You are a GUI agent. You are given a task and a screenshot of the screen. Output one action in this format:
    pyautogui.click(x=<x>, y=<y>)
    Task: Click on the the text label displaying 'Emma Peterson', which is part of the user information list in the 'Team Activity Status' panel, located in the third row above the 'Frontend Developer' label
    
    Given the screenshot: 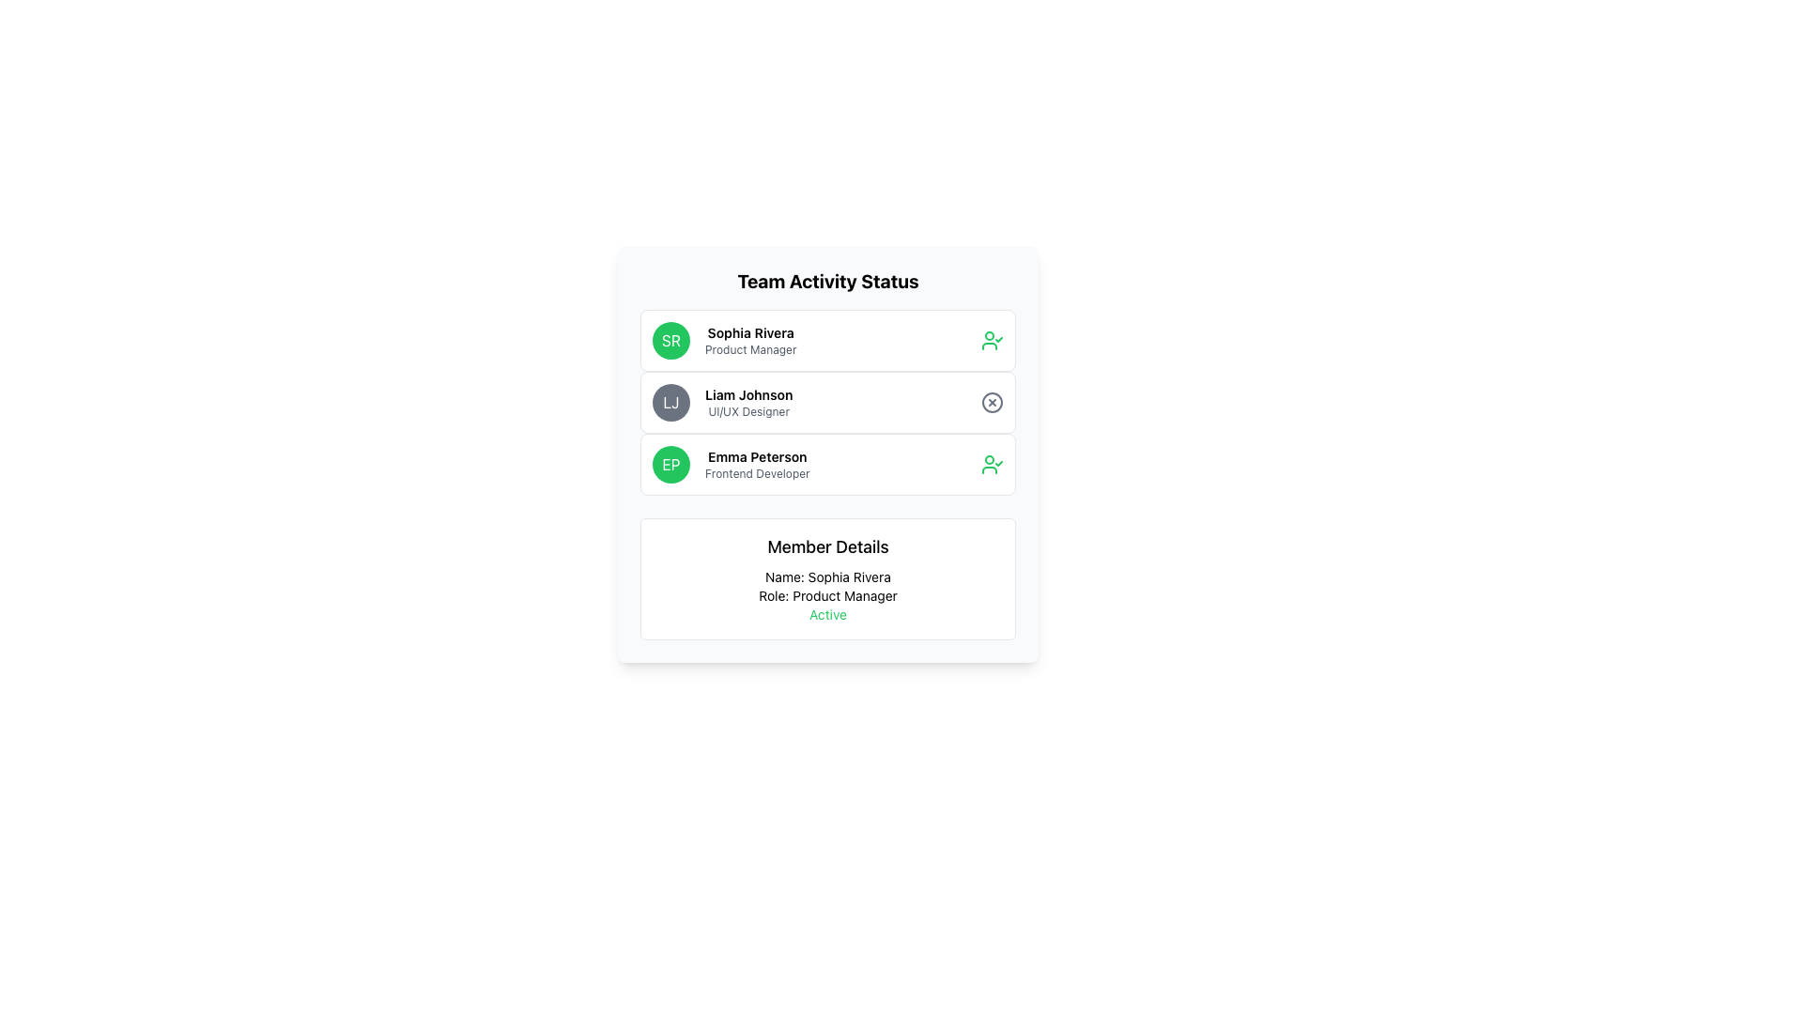 What is the action you would take?
    pyautogui.click(x=757, y=456)
    